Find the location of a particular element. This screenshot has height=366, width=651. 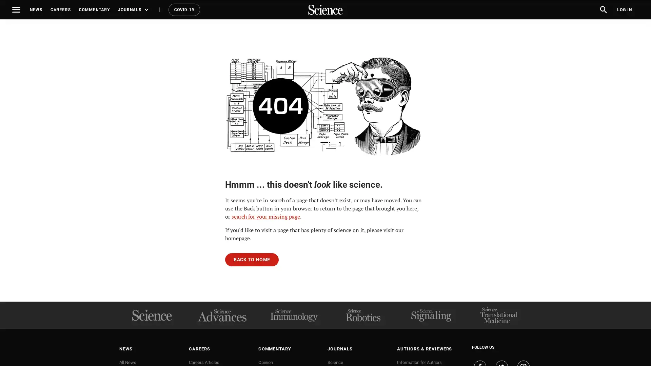

Toggle navigation is located at coordinates (16, 10).